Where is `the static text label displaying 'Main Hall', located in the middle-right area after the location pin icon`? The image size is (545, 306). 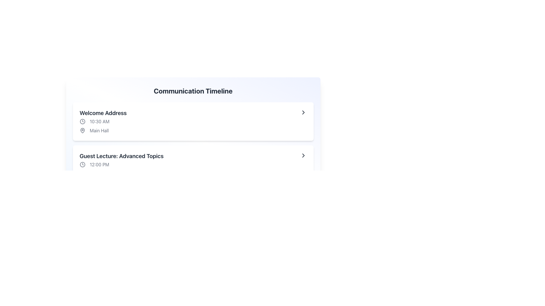
the static text label displaying 'Main Hall', located in the middle-right area after the location pin icon is located at coordinates (99, 131).